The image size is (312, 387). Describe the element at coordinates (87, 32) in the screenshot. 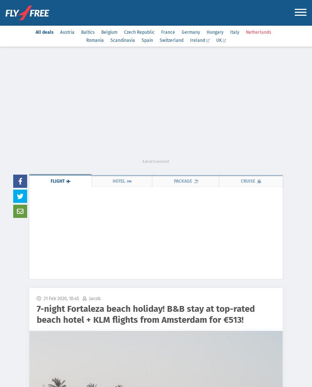

I see `'Baltics'` at that location.